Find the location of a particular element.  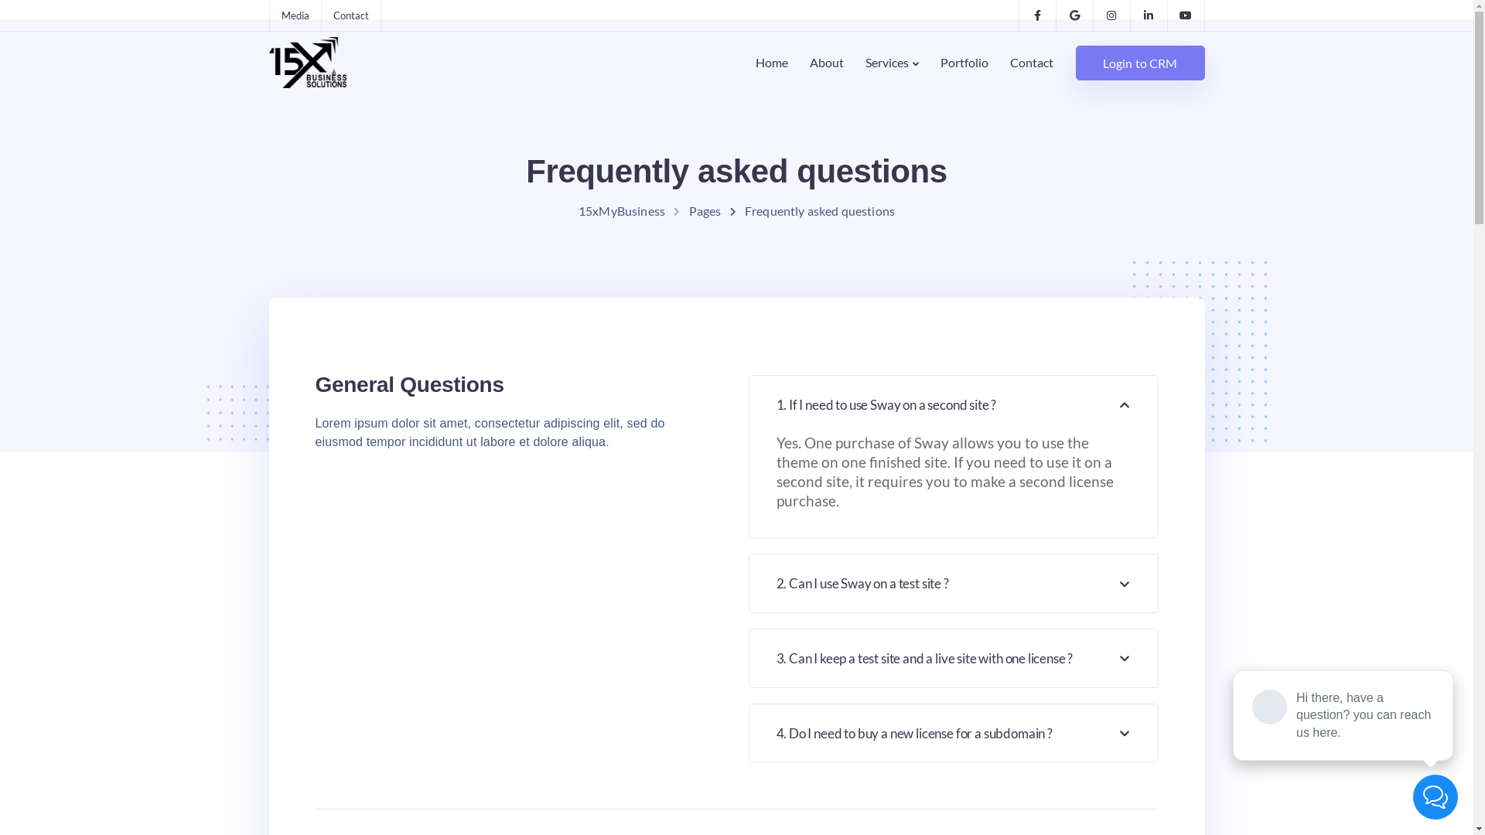

'Contact' is located at coordinates (676, 573).